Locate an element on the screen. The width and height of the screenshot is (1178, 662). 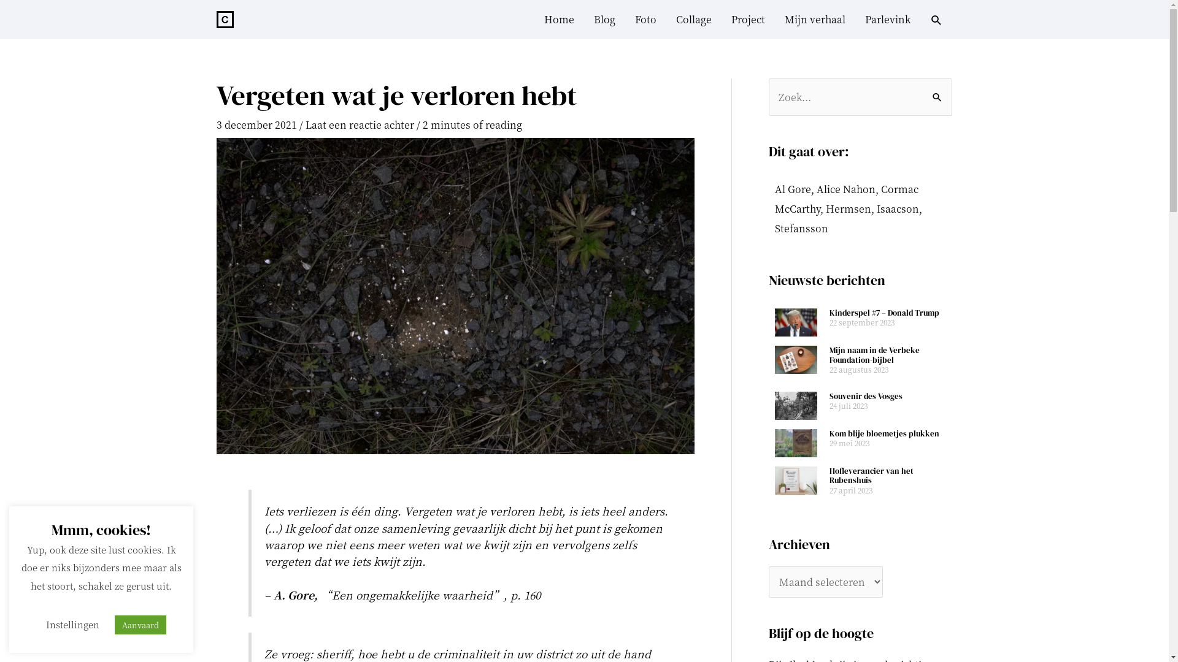
'Blog' is located at coordinates (604, 19).